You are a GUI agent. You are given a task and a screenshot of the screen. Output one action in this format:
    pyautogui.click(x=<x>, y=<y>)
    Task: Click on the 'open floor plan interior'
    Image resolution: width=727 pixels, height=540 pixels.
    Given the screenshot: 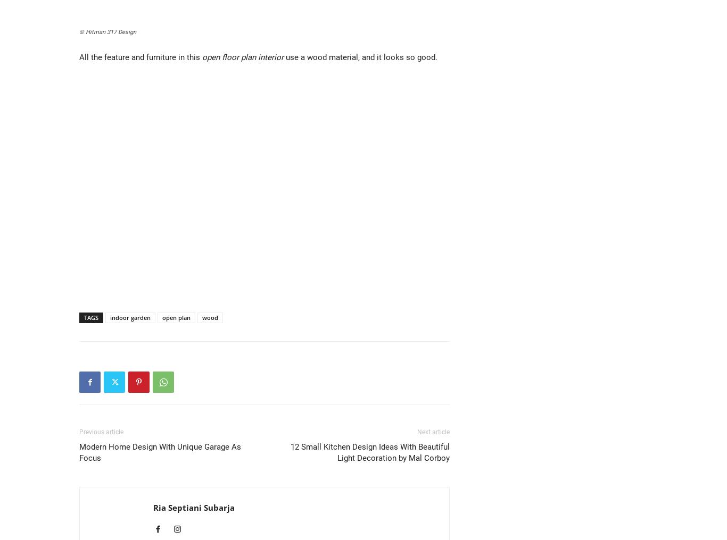 What is the action you would take?
    pyautogui.click(x=243, y=57)
    